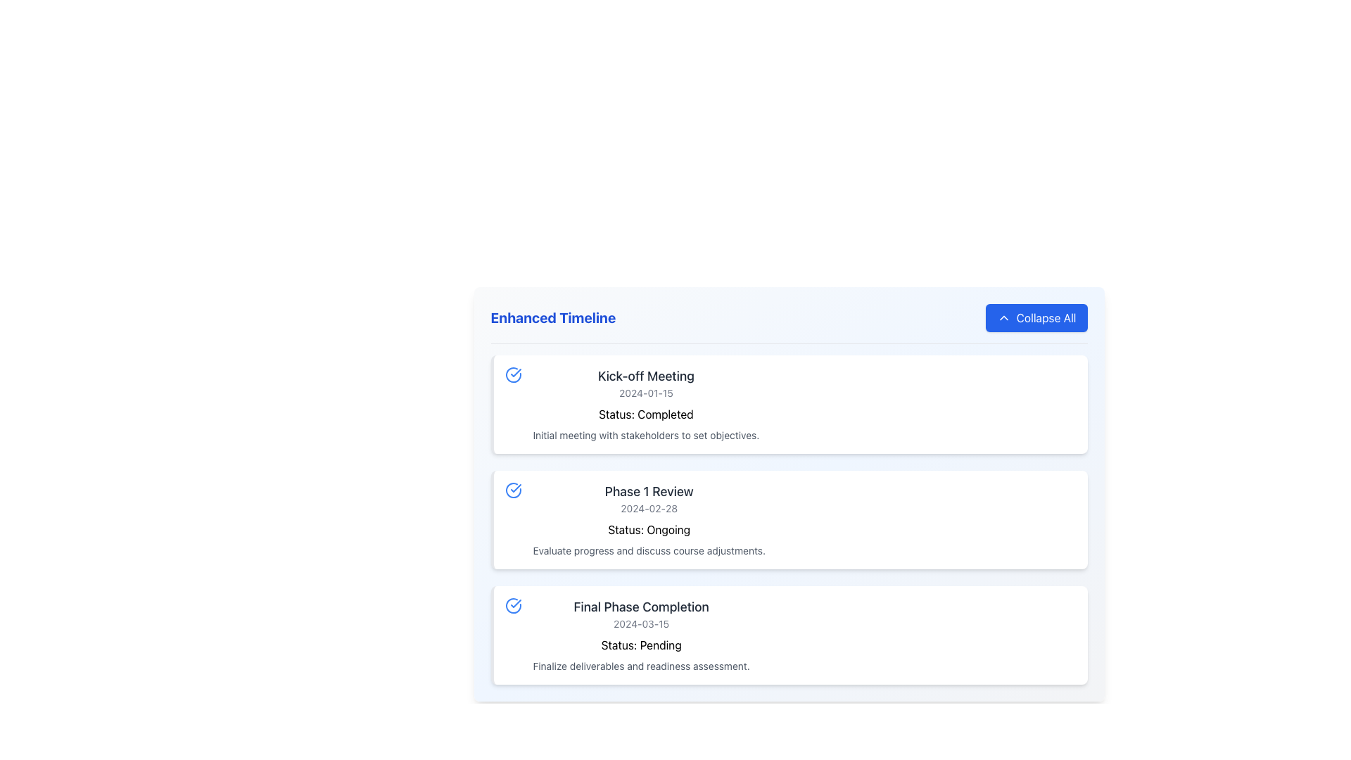 This screenshot has height=760, width=1351. What do you see at coordinates (515, 602) in the screenshot?
I see `the blue checkmark icon indicating the completion status of 'Phase 1 Review' located at the top left corner of the timeline display` at bounding box center [515, 602].